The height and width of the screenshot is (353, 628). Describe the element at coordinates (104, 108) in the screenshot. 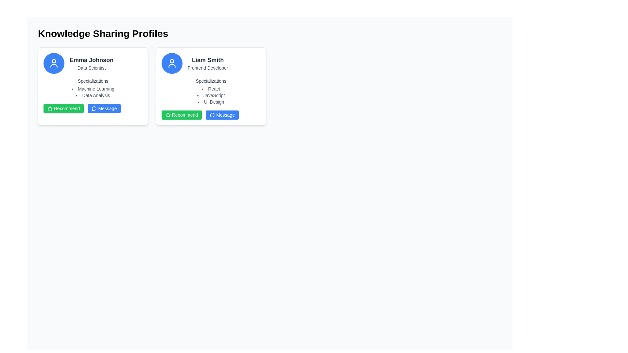

I see `the button with a blue background and white text that reads 'Message', which is located to the right of the green 'Recommend' button, to change its background color to a darker blue` at that location.